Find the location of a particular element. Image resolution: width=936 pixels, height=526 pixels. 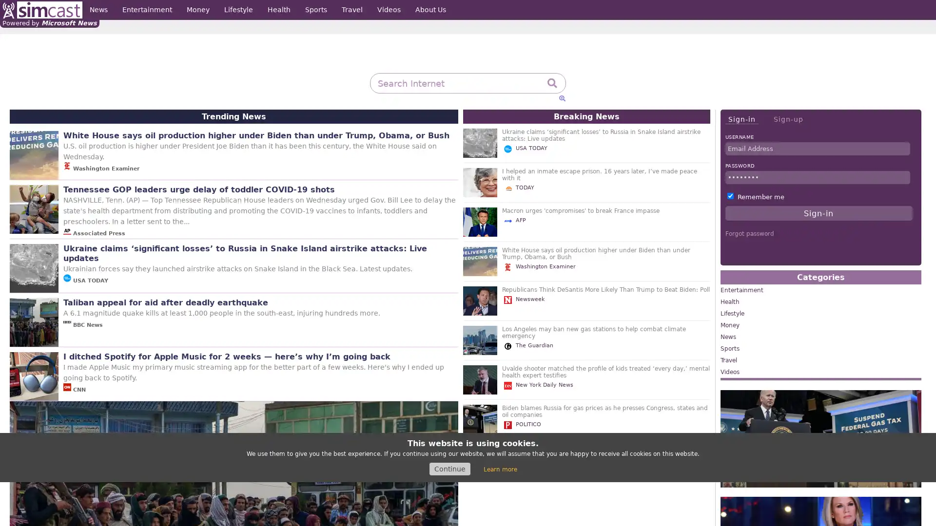

Continue is located at coordinates (449, 469).